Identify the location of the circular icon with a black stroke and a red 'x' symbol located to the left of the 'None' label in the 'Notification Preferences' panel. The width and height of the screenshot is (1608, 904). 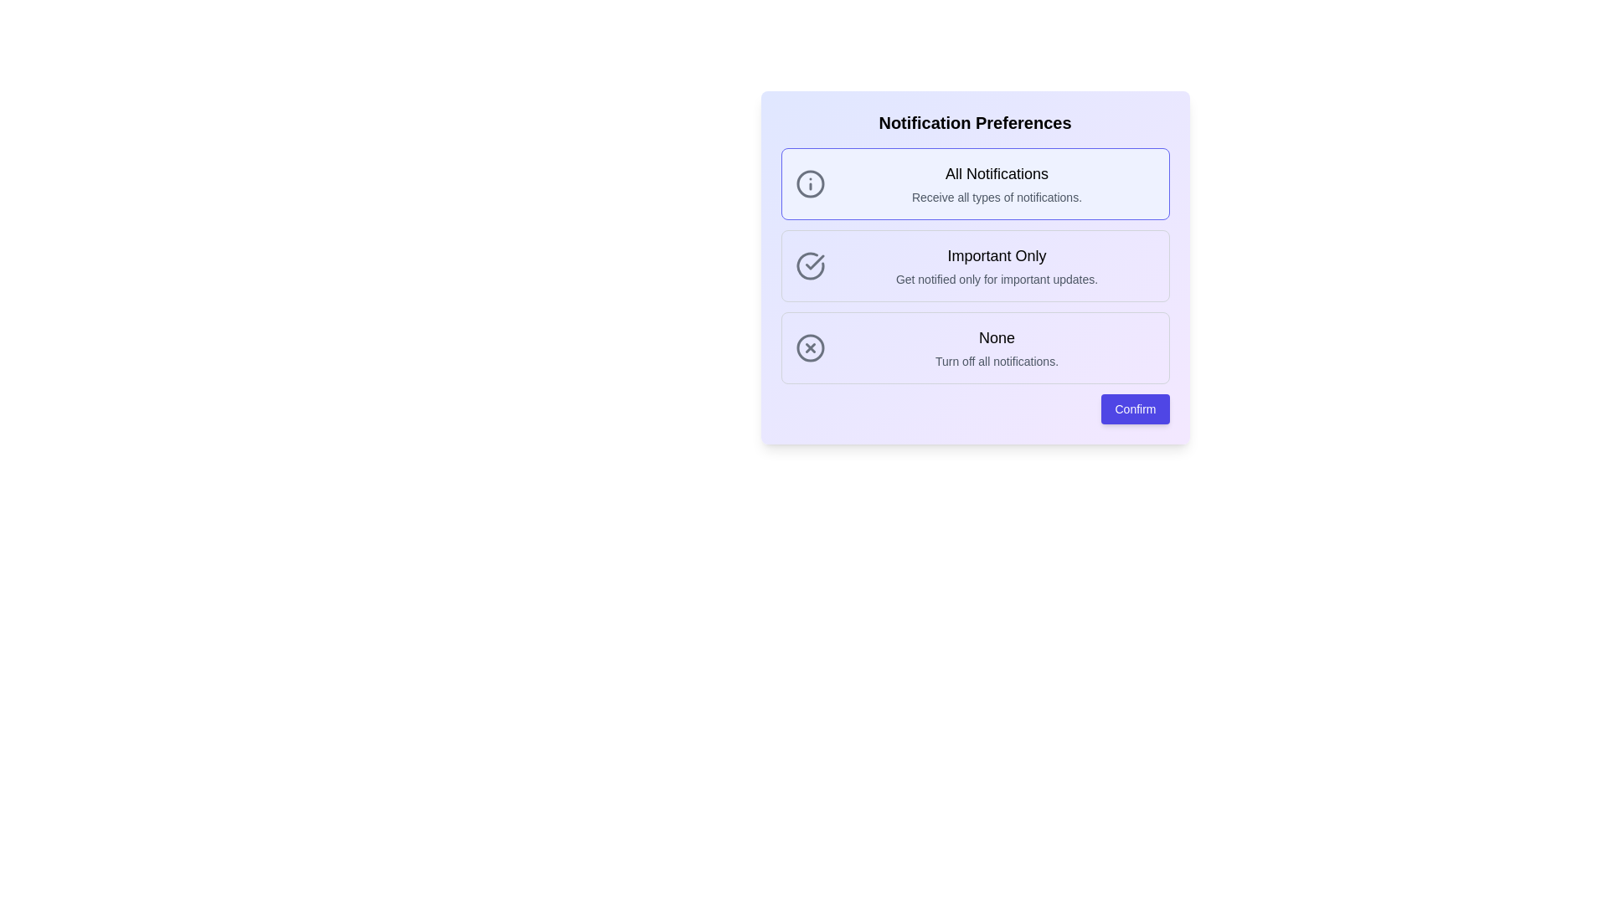
(810, 347).